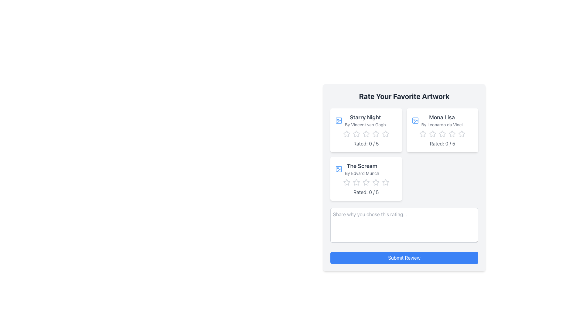  I want to click on the second star icon in the rating row for the 'Mona Lisa' artwork, so click(422, 133).